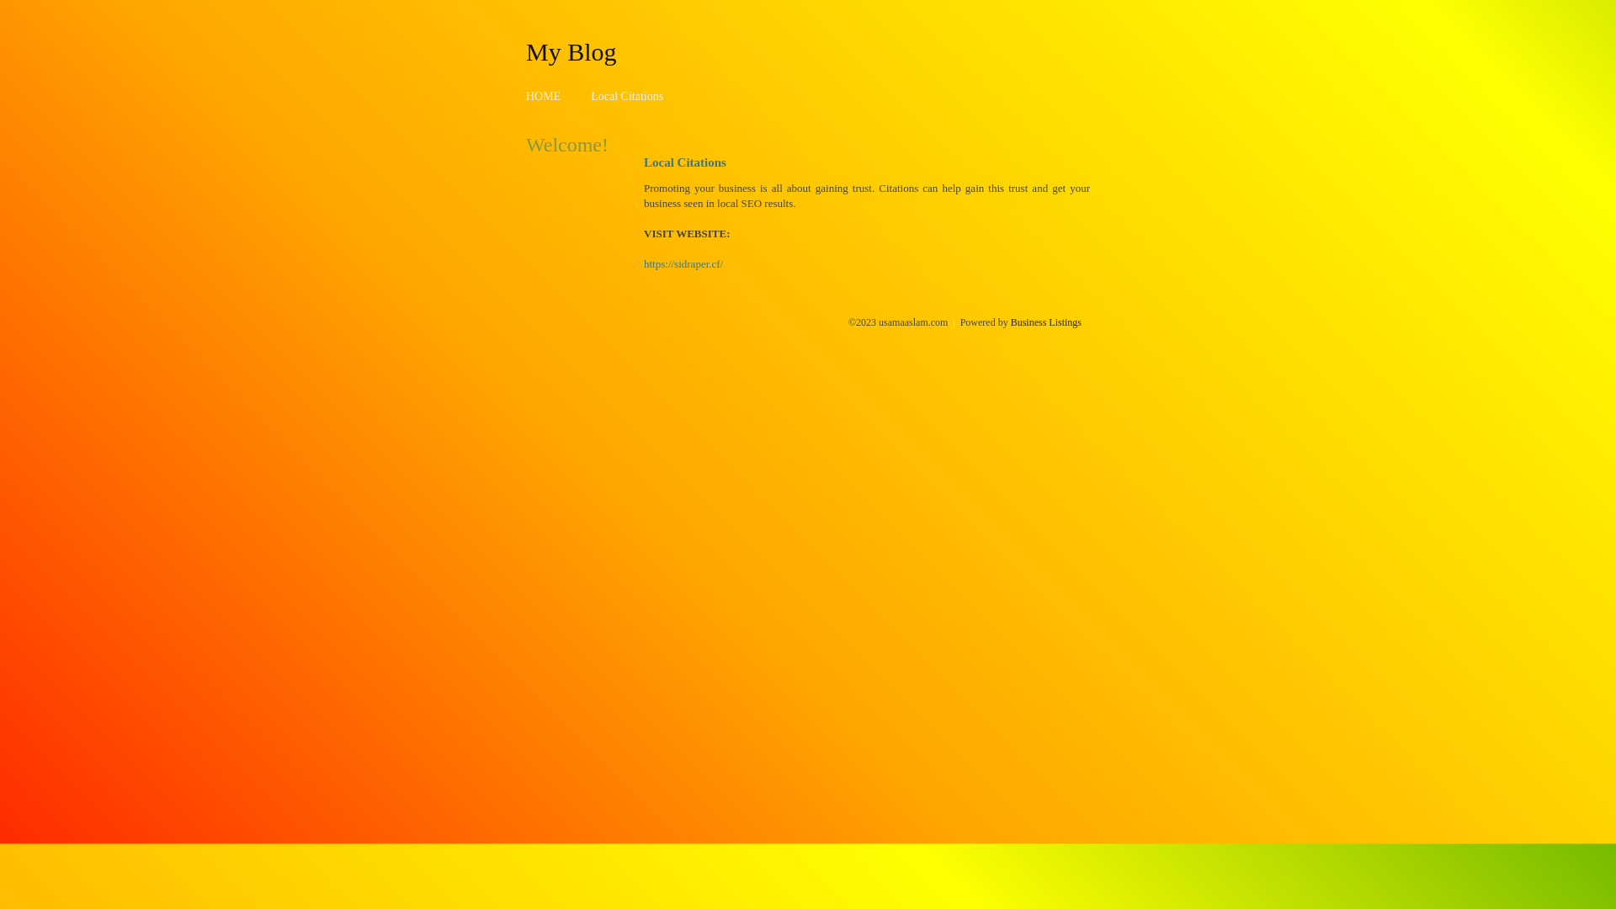 Image resolution: width=1616 pixels, height=909 pixels. I want to click on 'Business Listings', so click(1045, 322).